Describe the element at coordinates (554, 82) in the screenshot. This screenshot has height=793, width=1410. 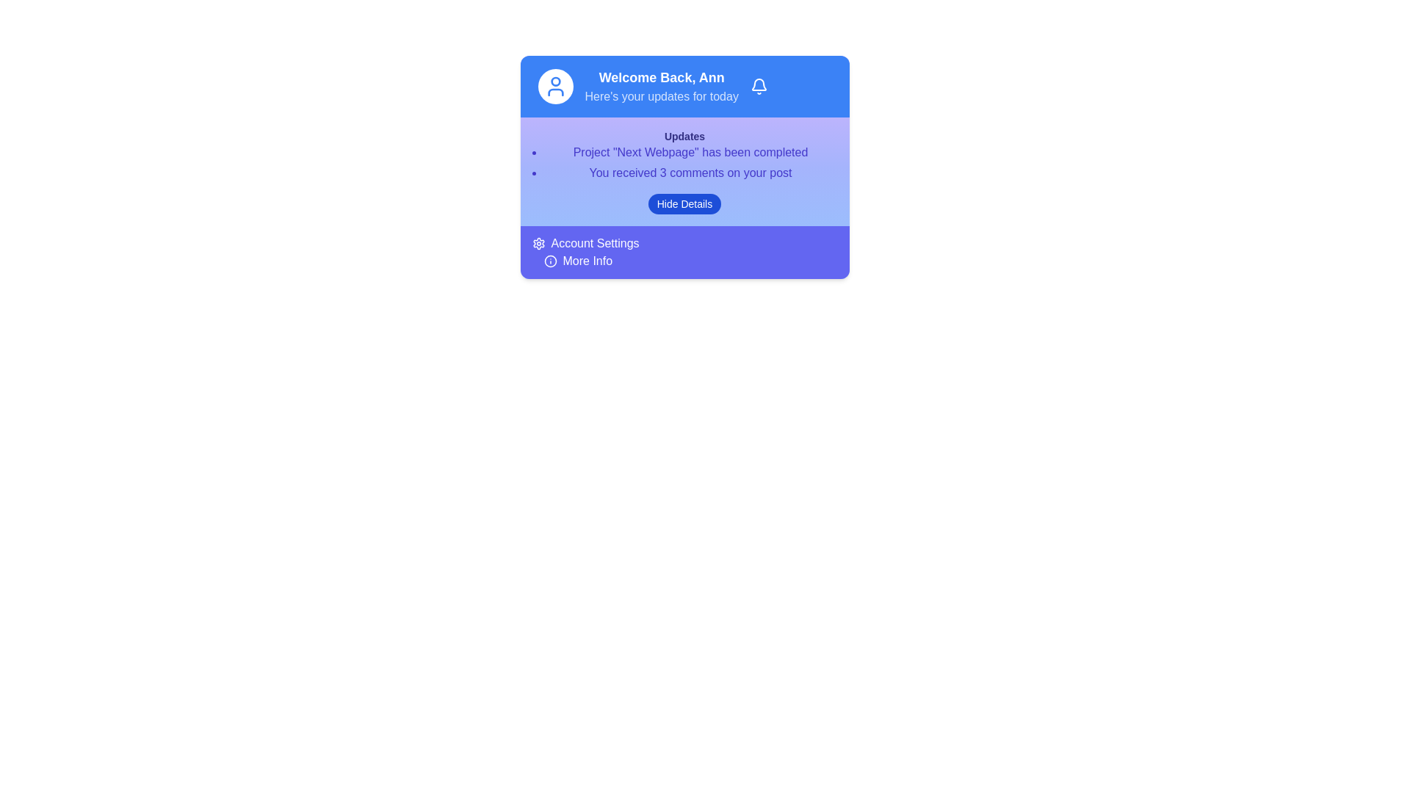
I see `the User profile icon, which is a circular component representing the user's avatar, located at the top-center of the user welcoming card widget` at that location.